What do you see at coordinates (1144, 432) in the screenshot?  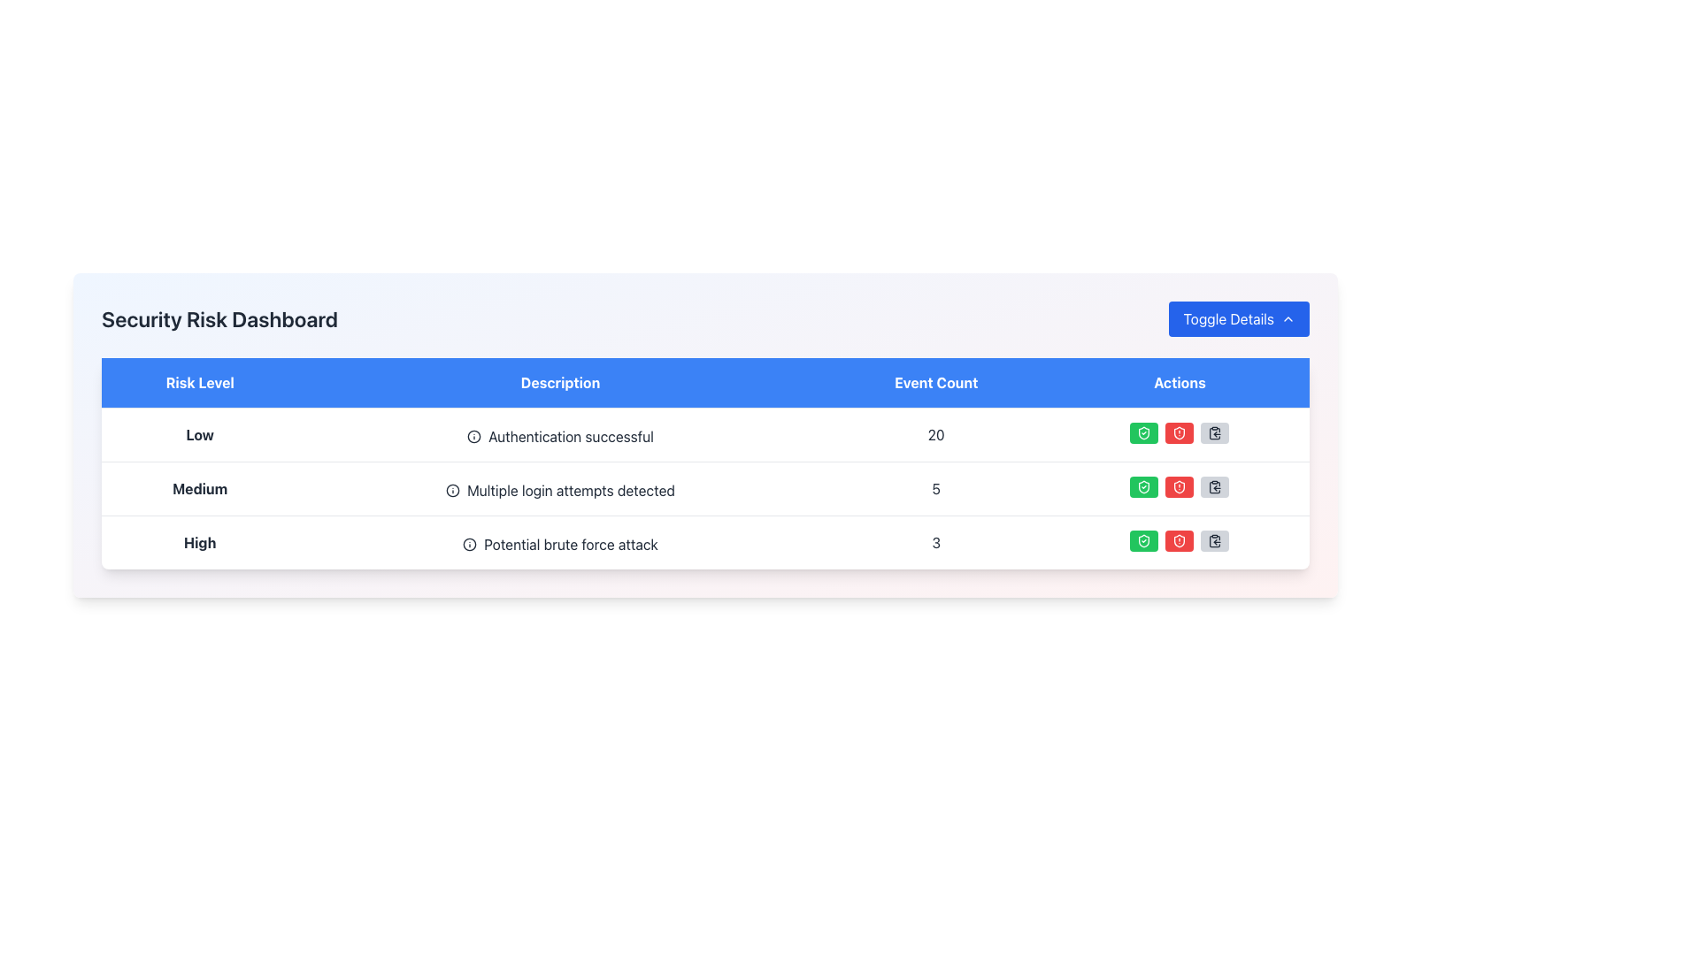 I see `the shield-shaped icon with a checkmark inside the green button under the 'Actions' column for 'Low Risk Level.'` at bounding box center [1144, 432].